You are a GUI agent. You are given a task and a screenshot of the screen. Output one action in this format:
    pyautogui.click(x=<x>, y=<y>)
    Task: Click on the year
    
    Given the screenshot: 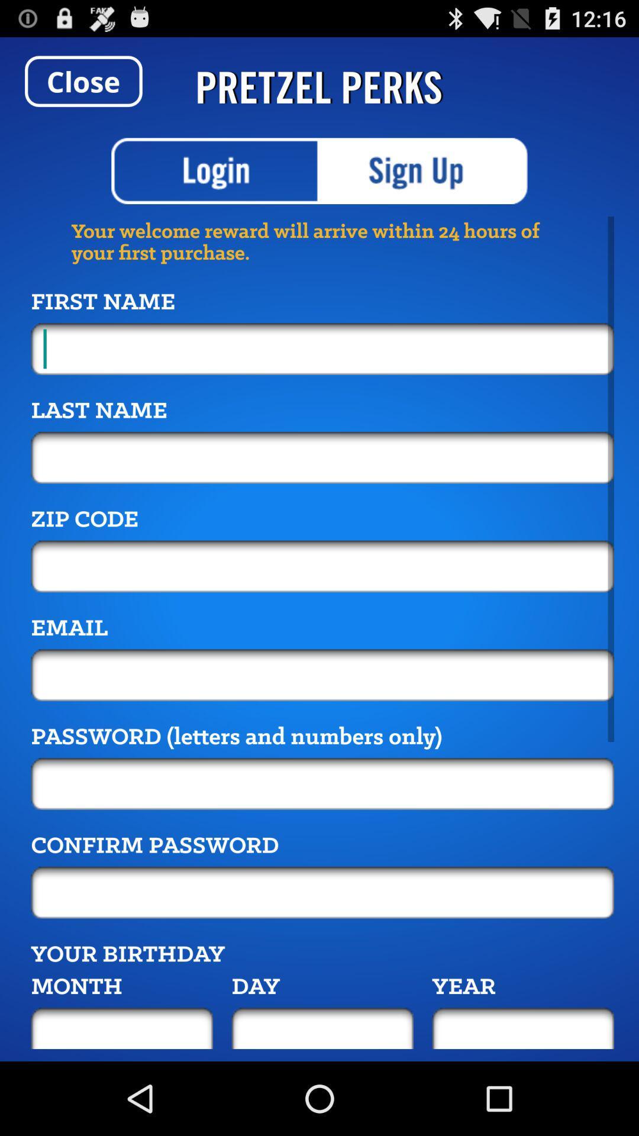 What is the action you would take?
    pyautogui.click(x=522, y=1028)
    